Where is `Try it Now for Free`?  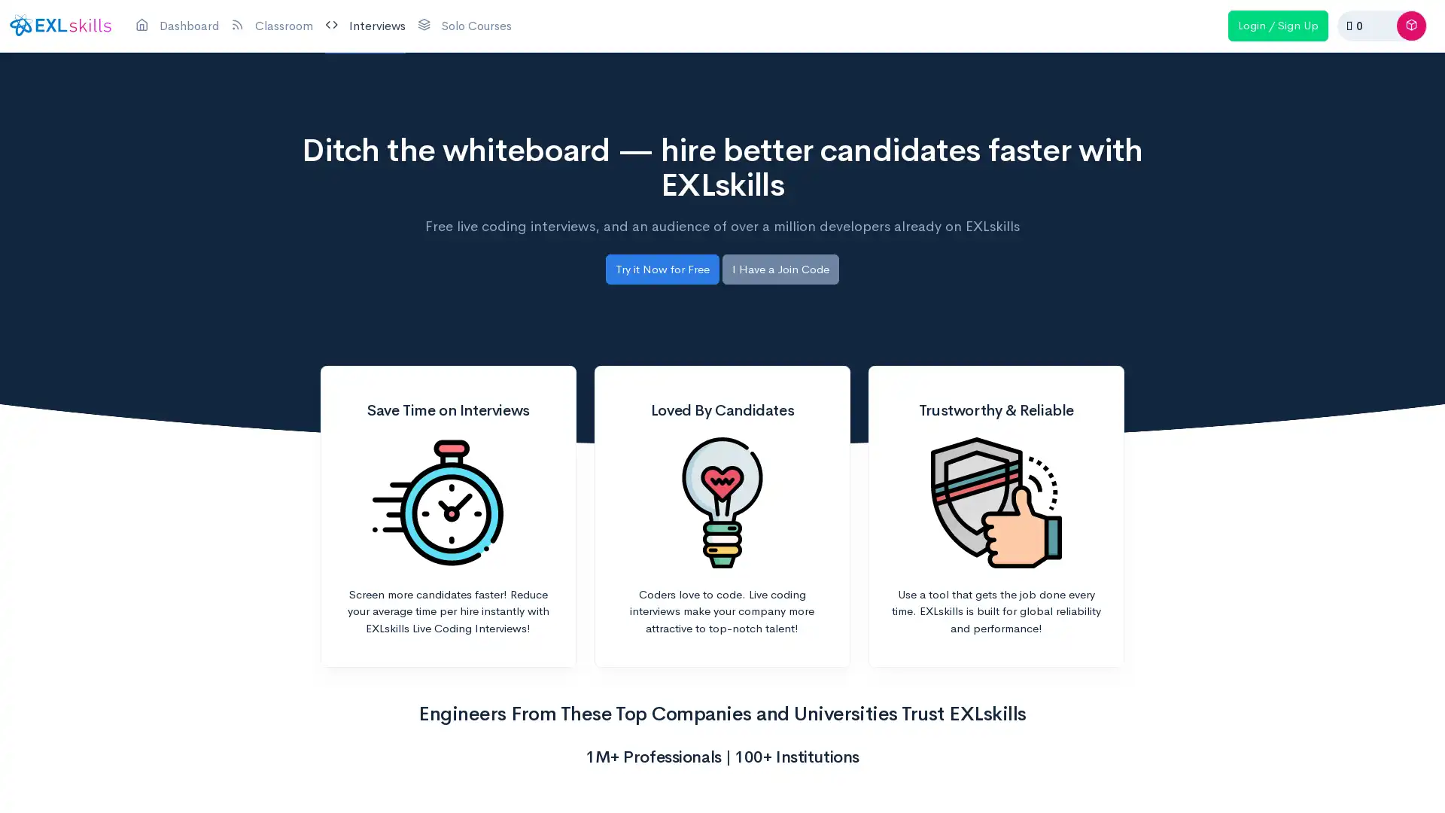 Try it Now for Free is located at coordinates (662, 268).